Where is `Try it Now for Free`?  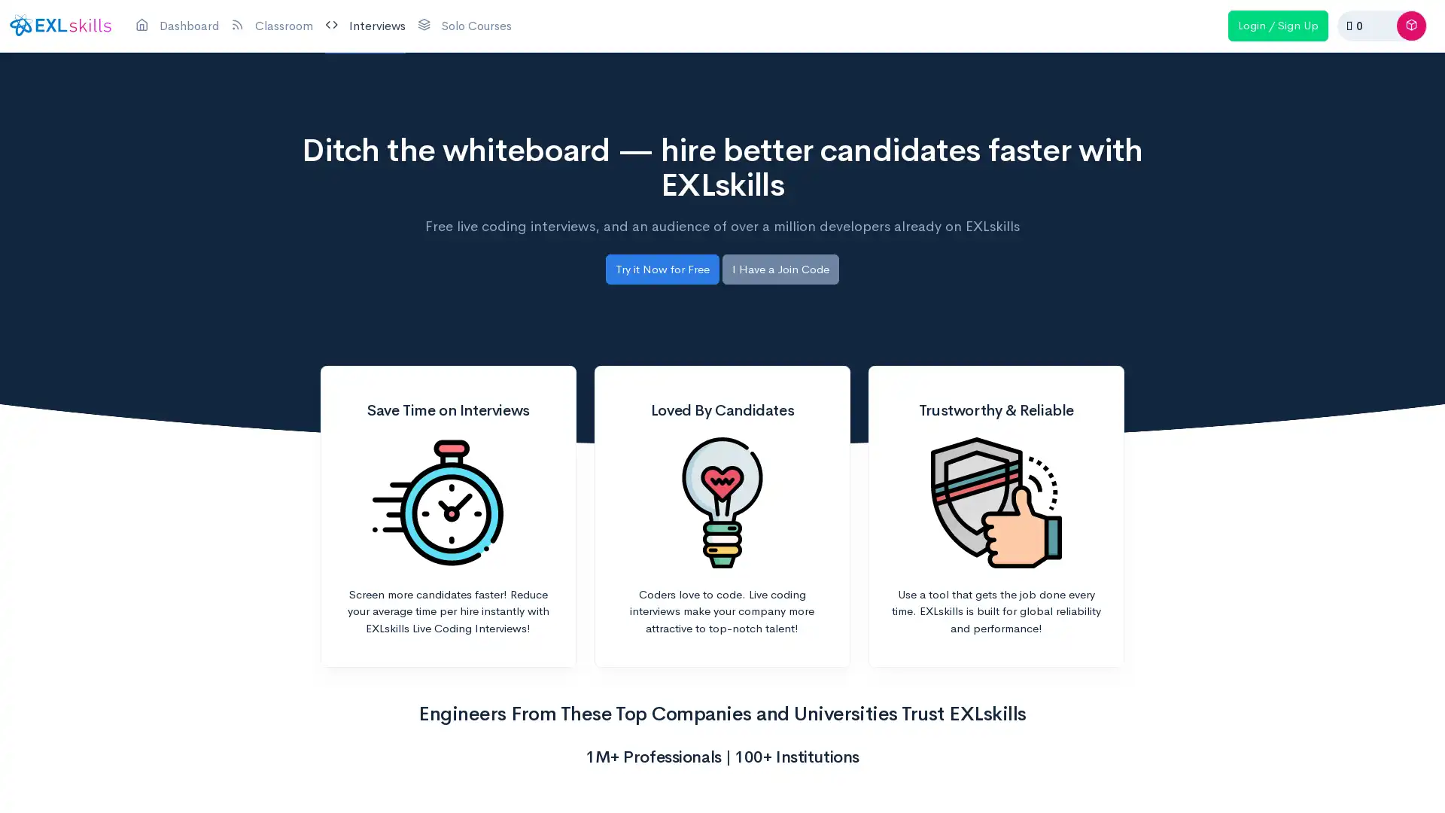 Try it Now for Free is located at coordinates (662, 268).